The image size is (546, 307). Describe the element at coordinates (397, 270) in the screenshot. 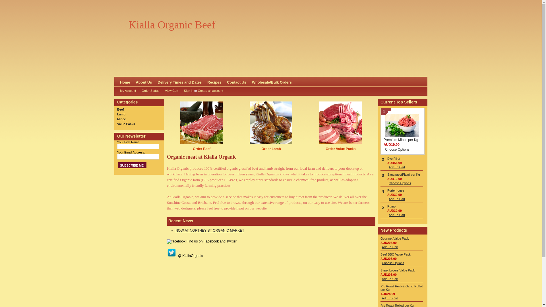

I see `'Steak Lovers Value Pack'` at that location.